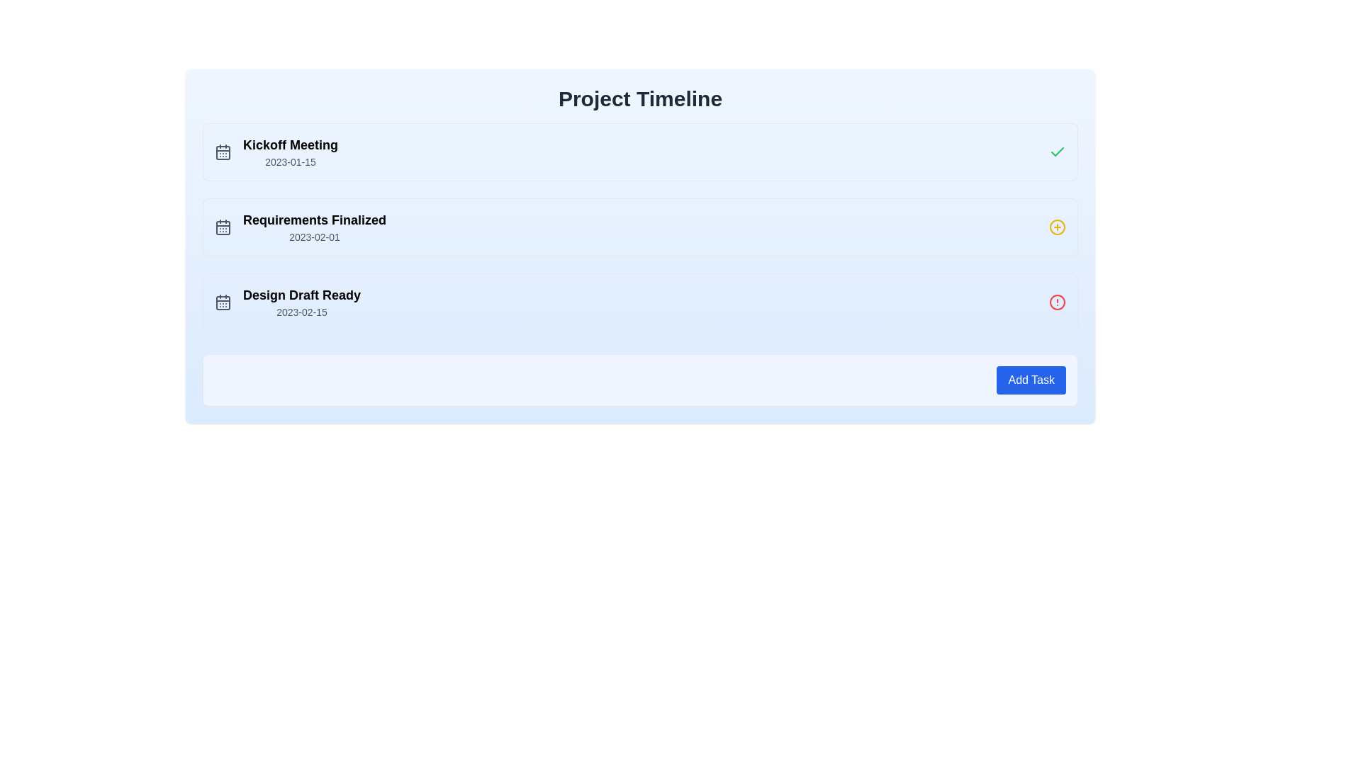  Describe the element at coordinates (289, 161) in the screenshot. I see `the static text label displaying the date for the 'Kickoff Meeting' event, which is located directly under the title and aligned to the left in the first card of the vertical list` at that location.